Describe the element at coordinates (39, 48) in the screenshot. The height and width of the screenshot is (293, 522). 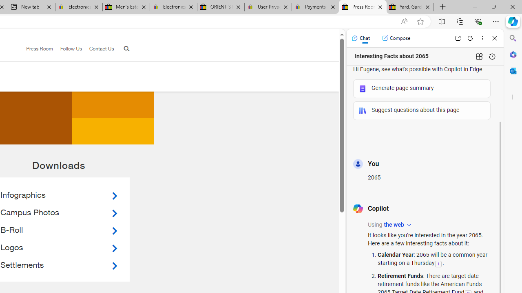
I see `'Press Room'` at that location.